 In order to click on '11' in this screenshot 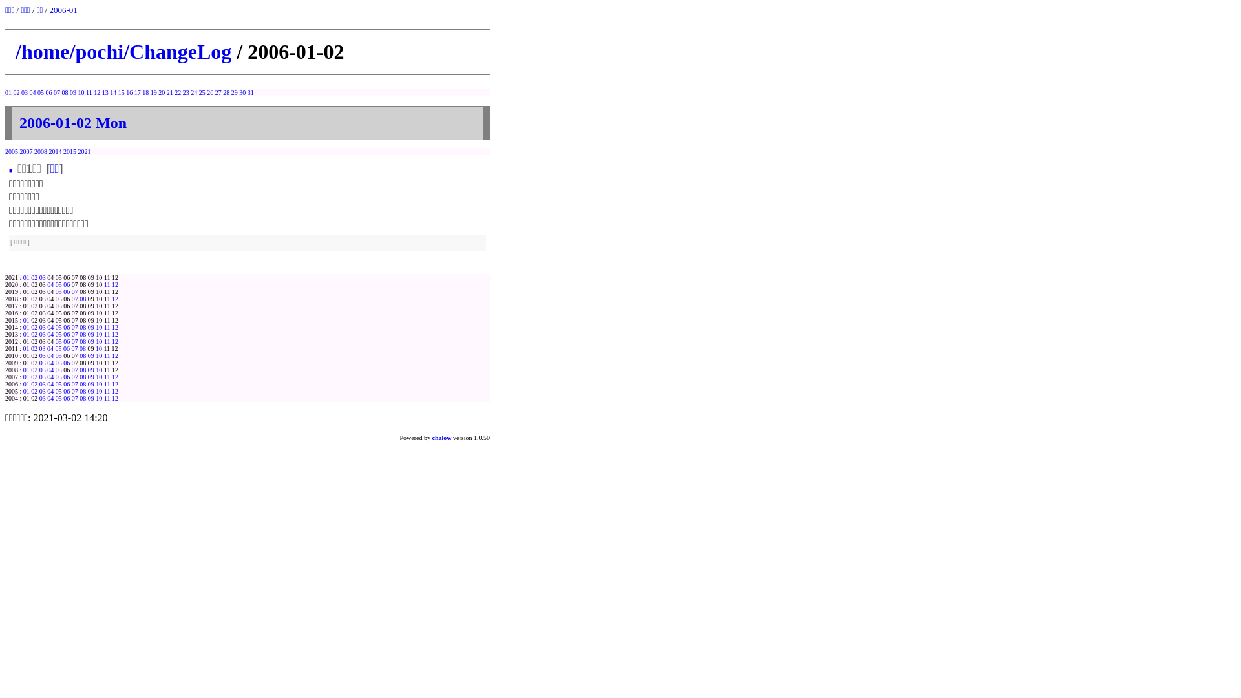, I will do `click(107, 326)`.